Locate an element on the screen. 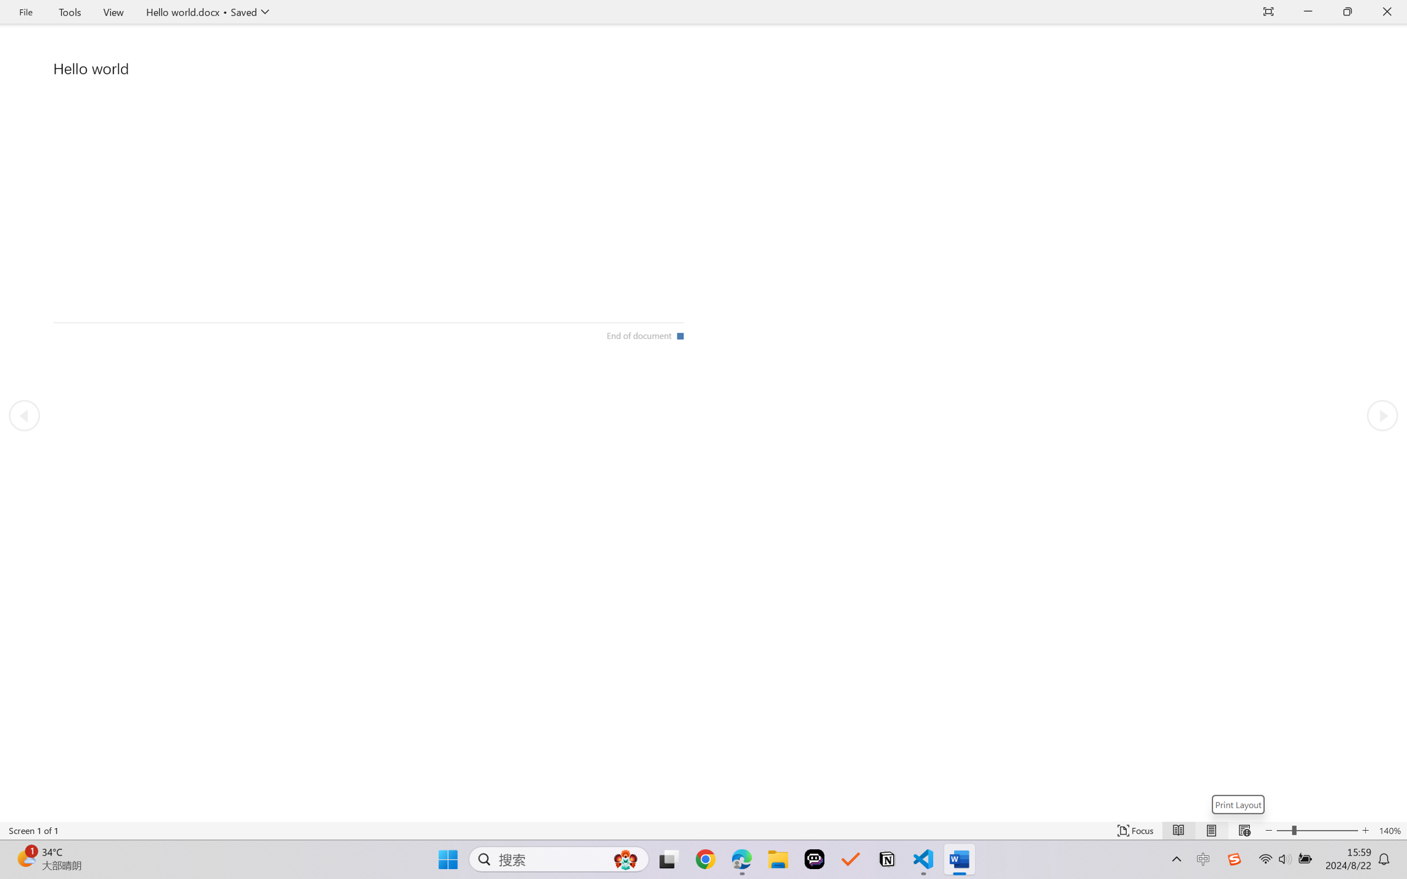 Image resolution: width=1407 pixels, height=879 pixels. 'Auto-hide Reading Toolbar' is located at coordinates (1269, 12).